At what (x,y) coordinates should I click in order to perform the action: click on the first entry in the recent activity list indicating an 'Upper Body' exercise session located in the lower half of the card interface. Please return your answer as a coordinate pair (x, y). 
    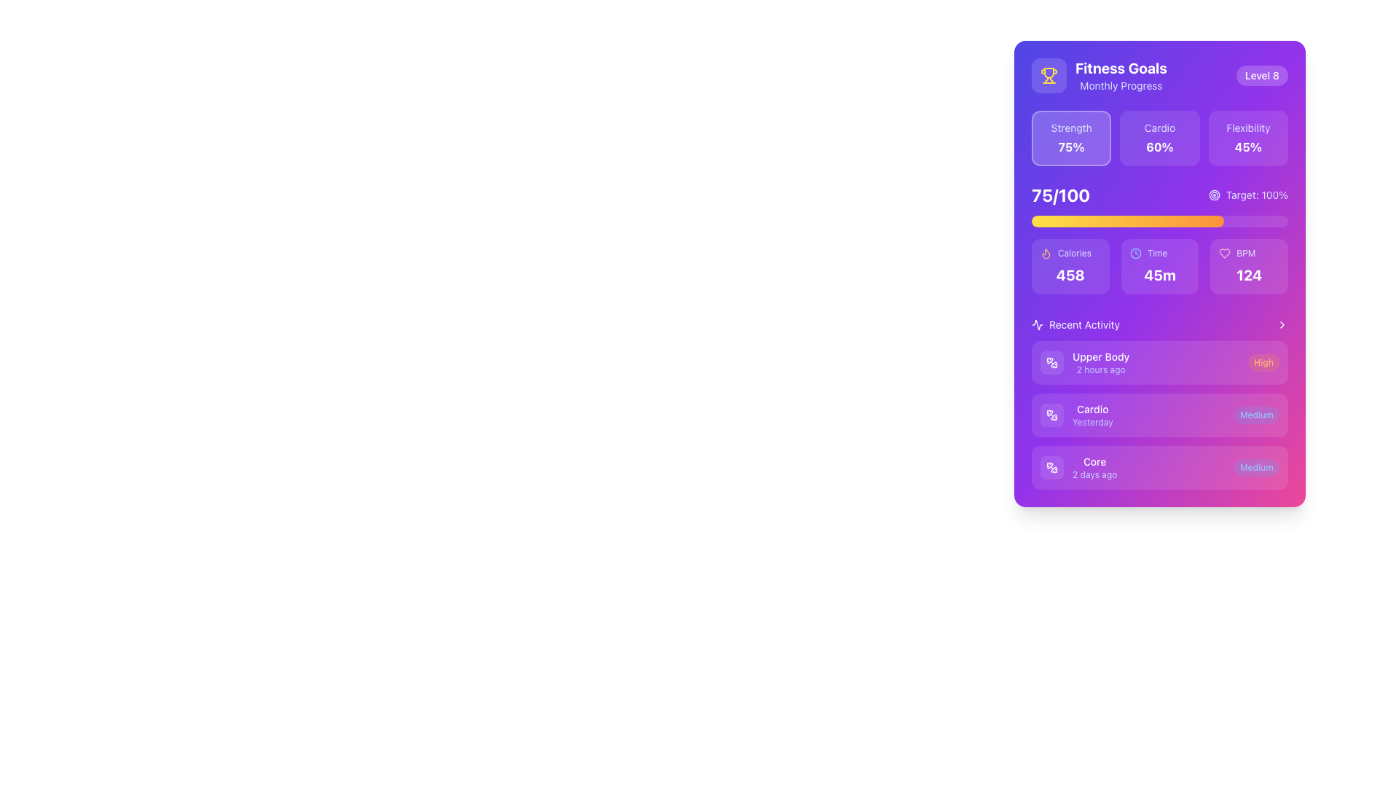
    Looking at the image, I should click on (1085, 361).